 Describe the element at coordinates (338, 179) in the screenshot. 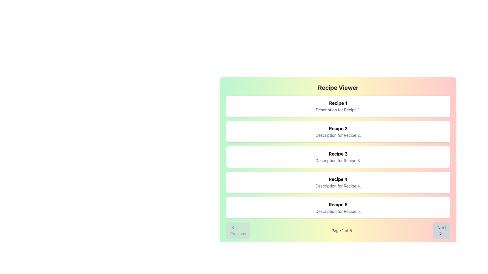

I see `text label that displays 'Recipe 4' in bold and large font, located in the fourth card of the vertically stacked list of recipe entries` at that location.